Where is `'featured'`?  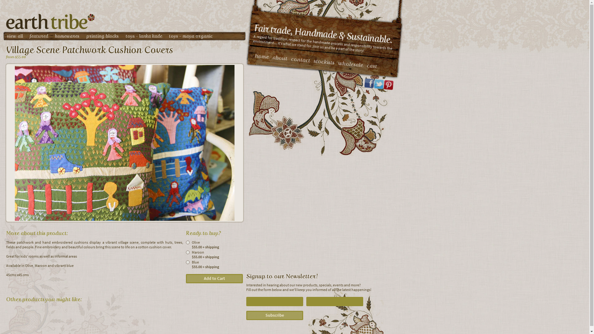
'featured' is located at coordinates (29, 36).